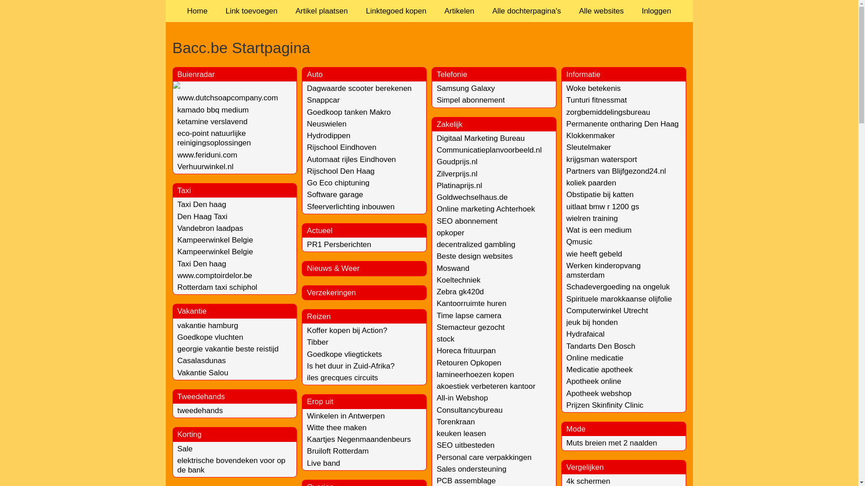  I want to click on 'Artikel plaatsen', so click(322, 11).